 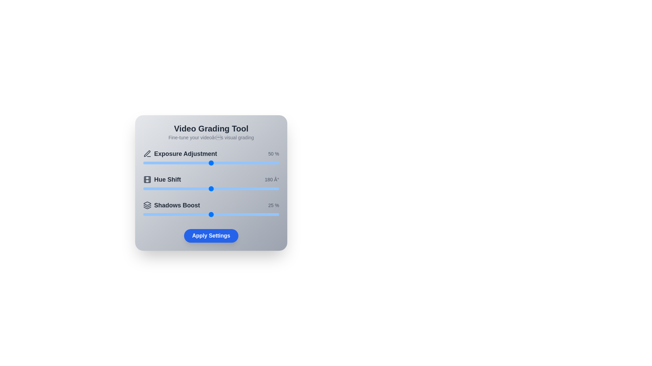 What do you see at coordinates (164, 188) in the screenshot?
I see `the hue shift` at bounding box center [164, 188].